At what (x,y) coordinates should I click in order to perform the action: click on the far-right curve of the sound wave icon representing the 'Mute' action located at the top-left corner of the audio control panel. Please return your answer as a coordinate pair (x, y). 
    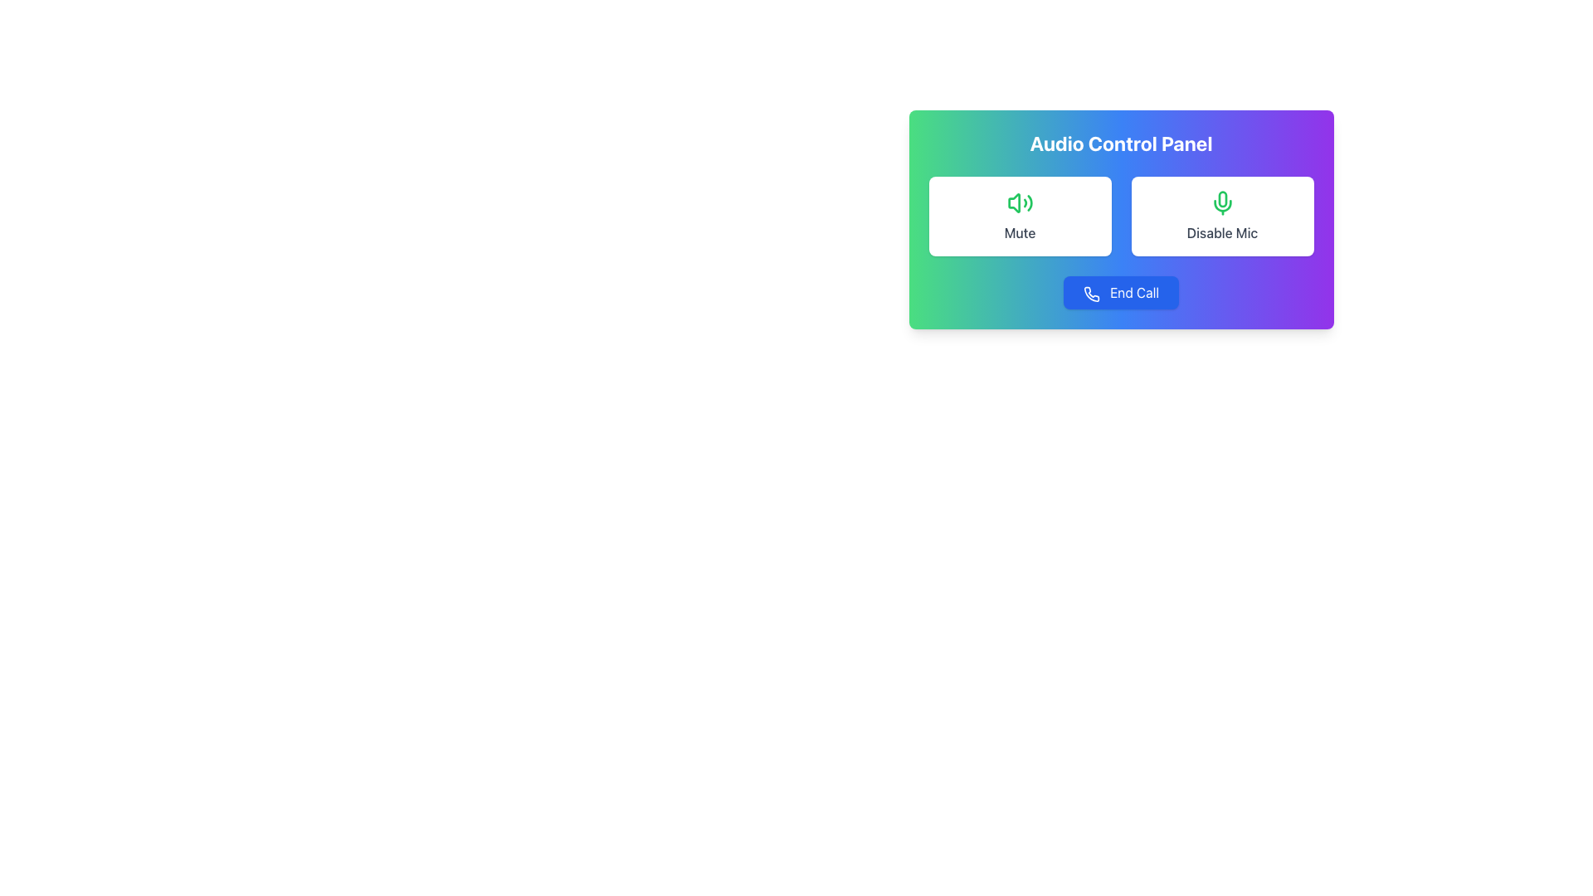
    Looking at the image, I should click on (1029, 202).